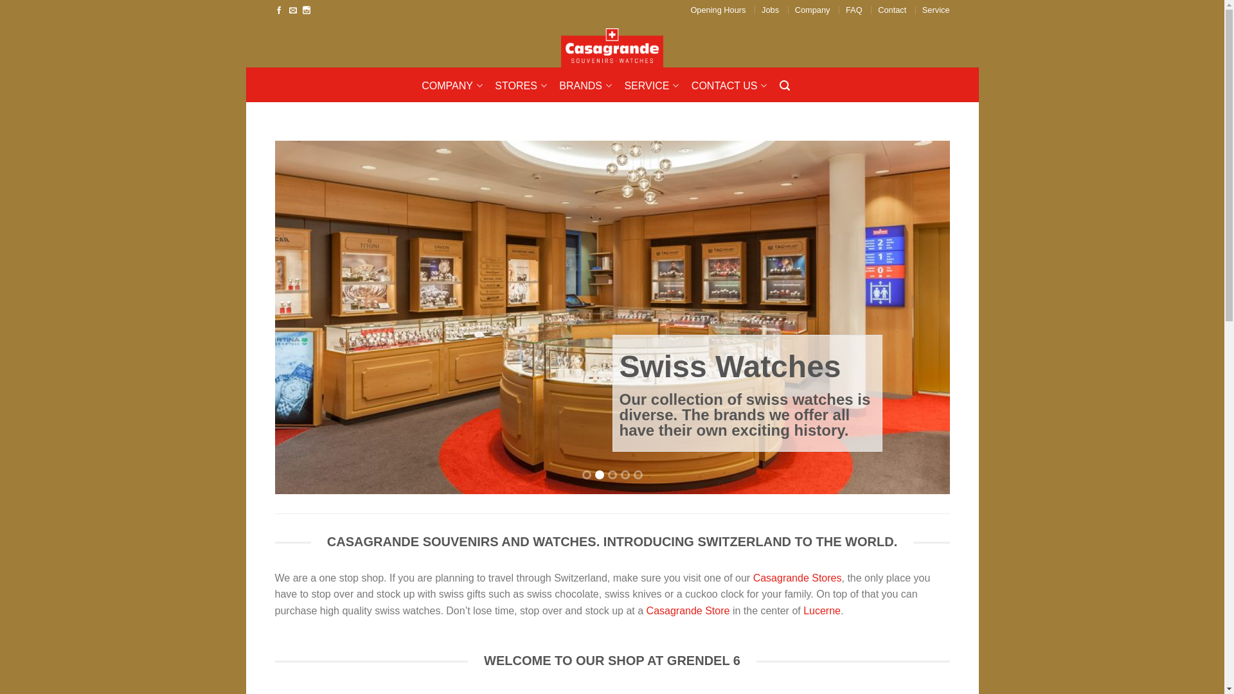 The width and height of the screenshot is (1234, 694). Describe the element at coordinates (797, 577) in the screenshot. I see `'Casagrande Stores'` at that location.